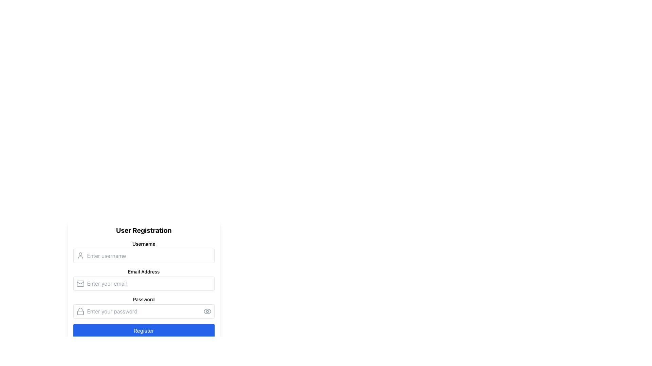 This screenshot has width=652, height=366. What do you see at coordinates (80, 256) in the screenshot?
I see `the user profile silhouette icon located to the left of the 'Enter username' text input field in the 'Username' section of the form` at bounding box center [80, 256].